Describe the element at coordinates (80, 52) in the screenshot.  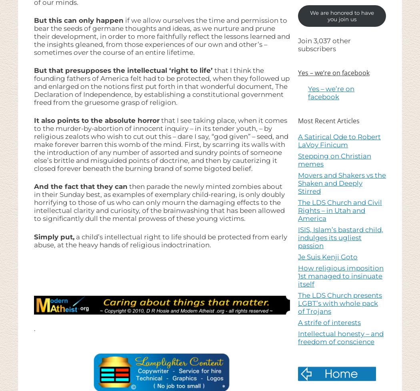
I see `'over'` at that location.